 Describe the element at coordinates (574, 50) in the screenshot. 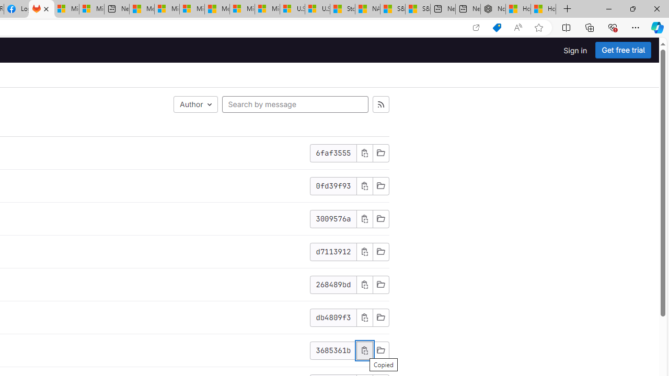

I see `'Sign in'` at that location.